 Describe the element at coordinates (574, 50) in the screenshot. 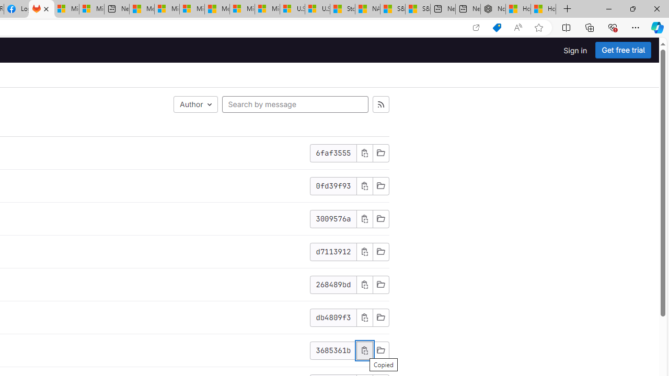

I see `'Sign in'` at that location.